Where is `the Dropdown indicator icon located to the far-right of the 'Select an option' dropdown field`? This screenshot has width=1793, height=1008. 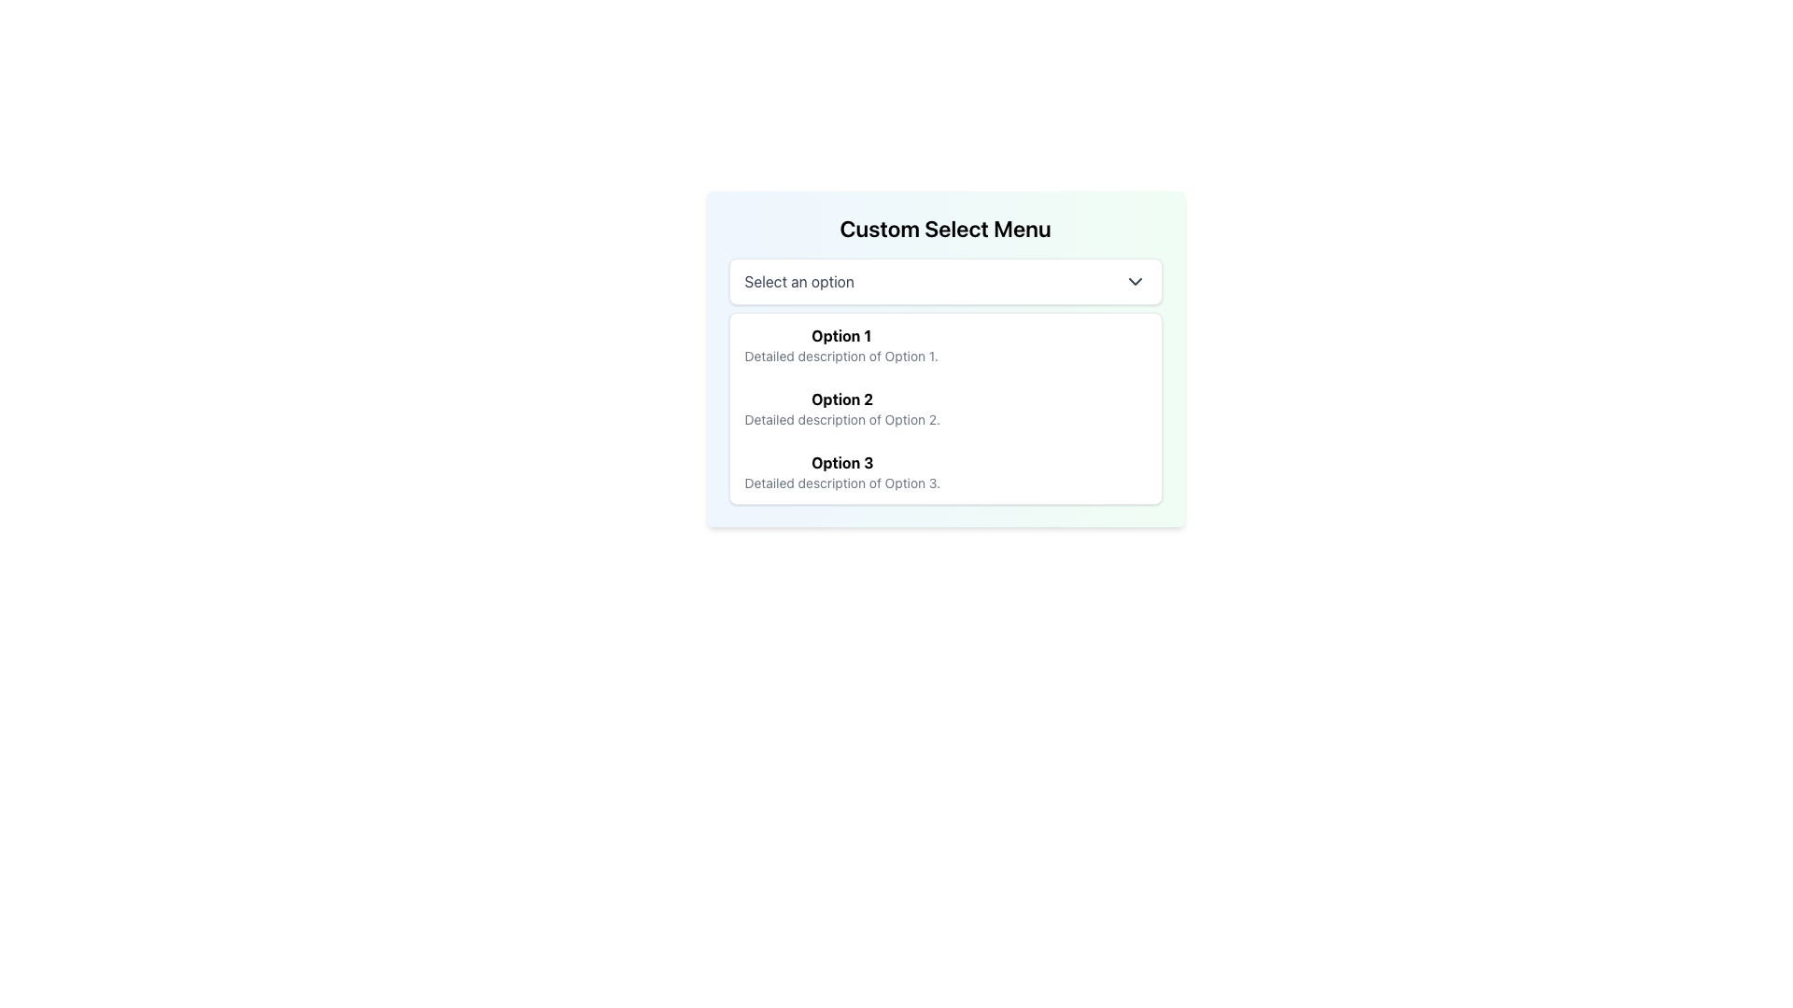
the Dropdown indicator icon located to the far-right of the 'Select an option' dropdown field is located at coordinates (1134, 281).